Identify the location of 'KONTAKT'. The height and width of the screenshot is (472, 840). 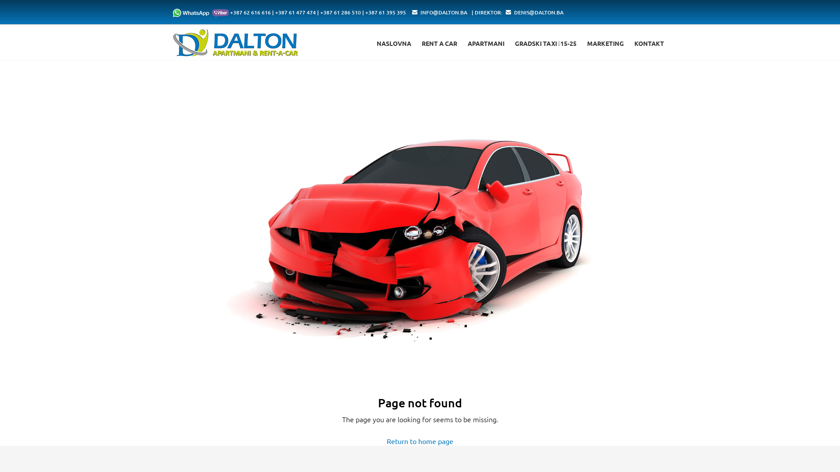
(649, 43).